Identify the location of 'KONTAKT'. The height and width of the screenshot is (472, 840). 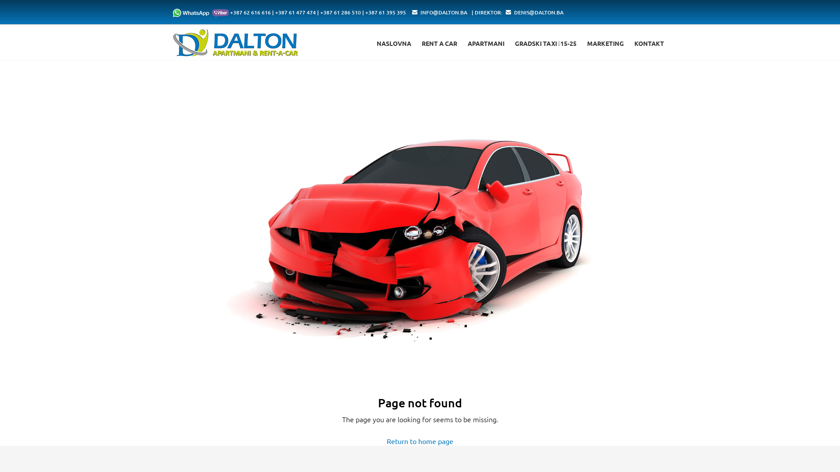
(649, 43).